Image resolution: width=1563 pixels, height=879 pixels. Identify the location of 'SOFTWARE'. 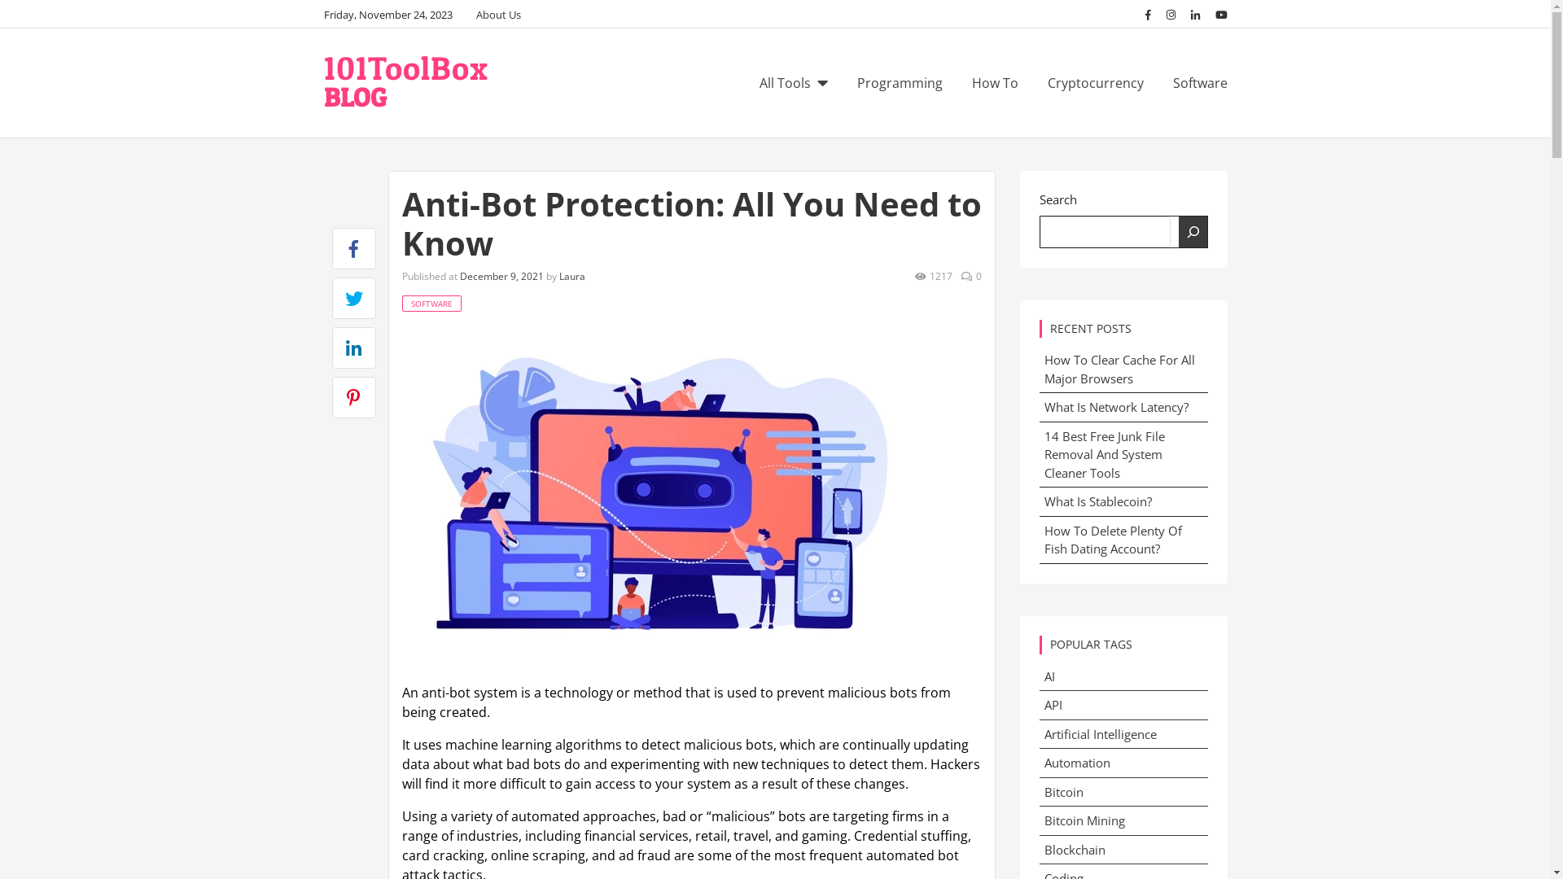
(431, 304).